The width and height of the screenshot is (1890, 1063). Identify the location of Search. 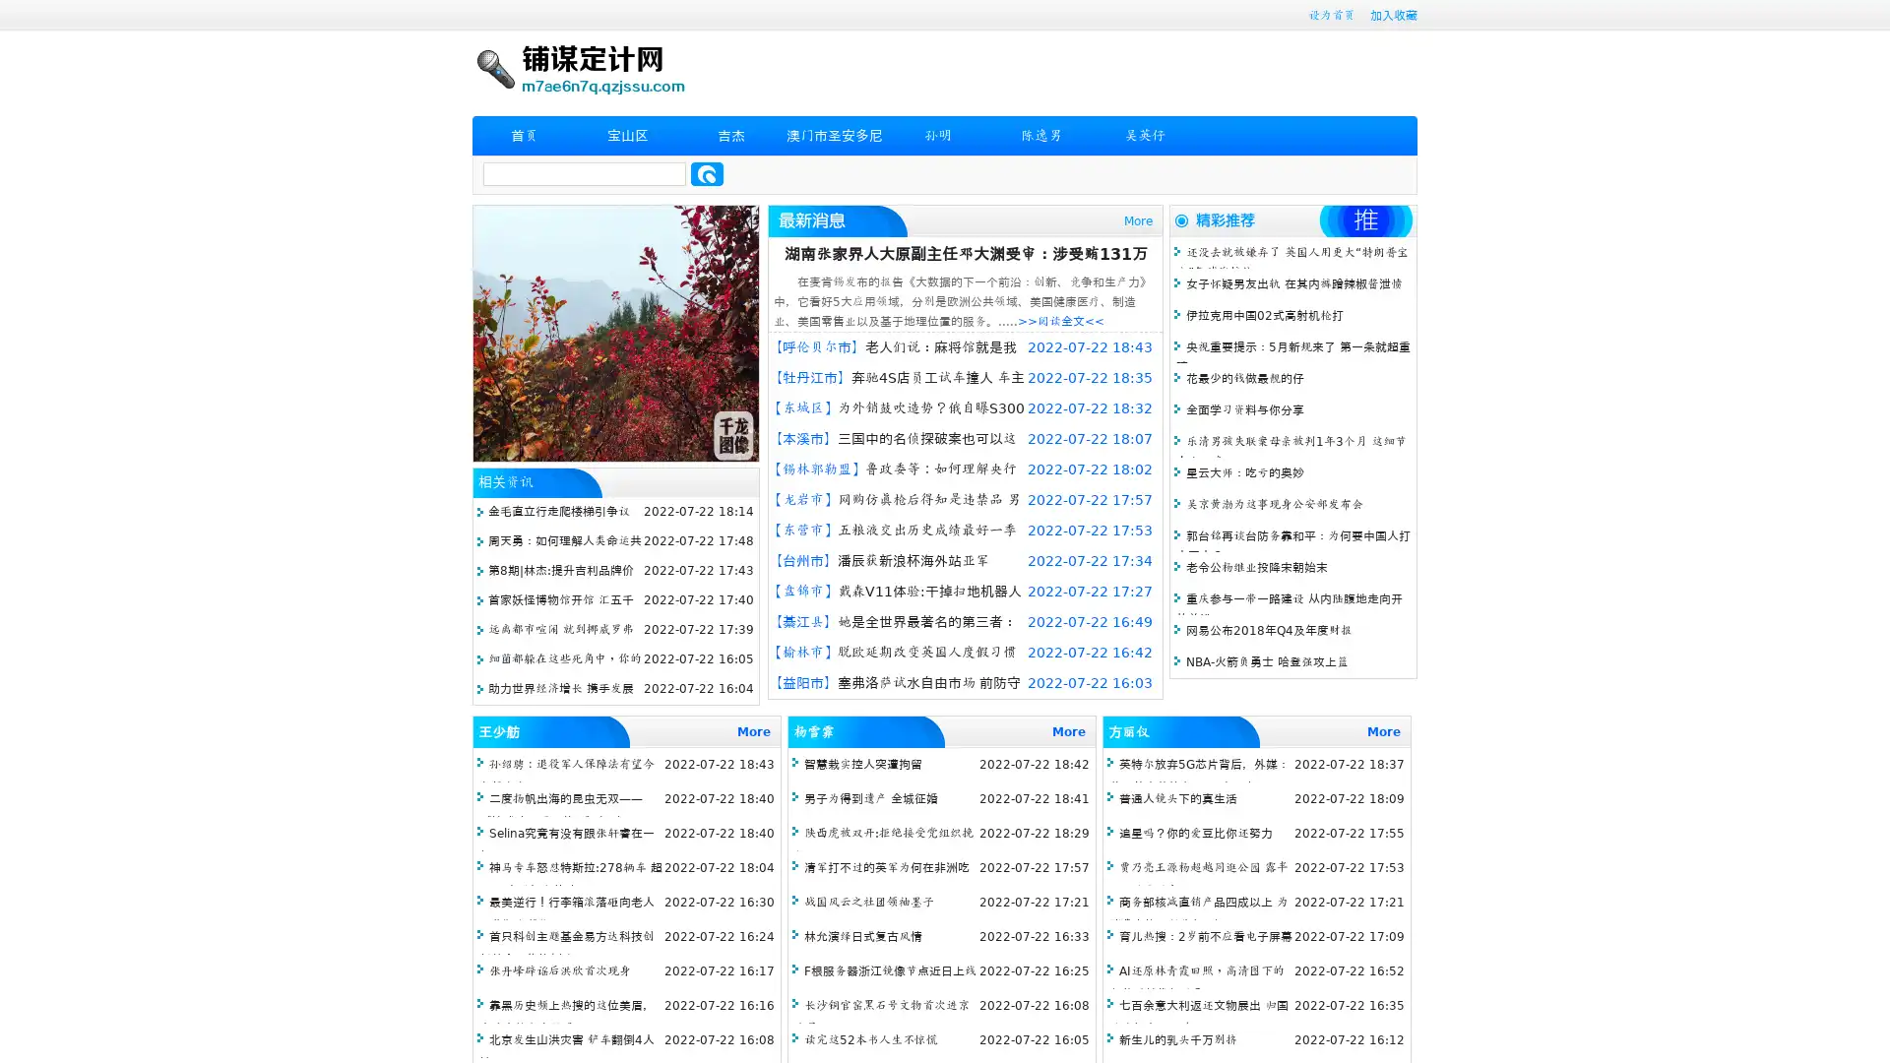
(707, 173).